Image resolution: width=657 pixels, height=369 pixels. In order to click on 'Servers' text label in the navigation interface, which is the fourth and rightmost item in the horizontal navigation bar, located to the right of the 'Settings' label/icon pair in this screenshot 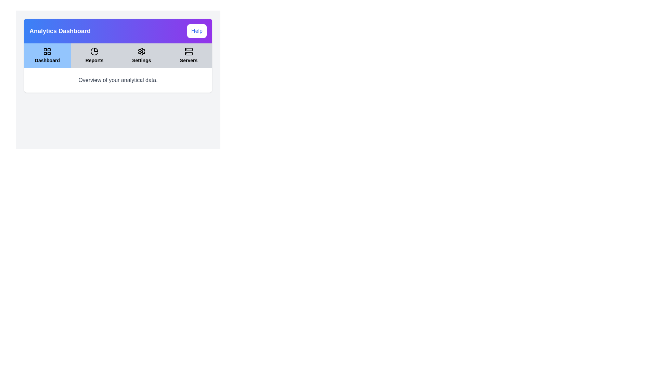, I will do `click(189, 60)`.